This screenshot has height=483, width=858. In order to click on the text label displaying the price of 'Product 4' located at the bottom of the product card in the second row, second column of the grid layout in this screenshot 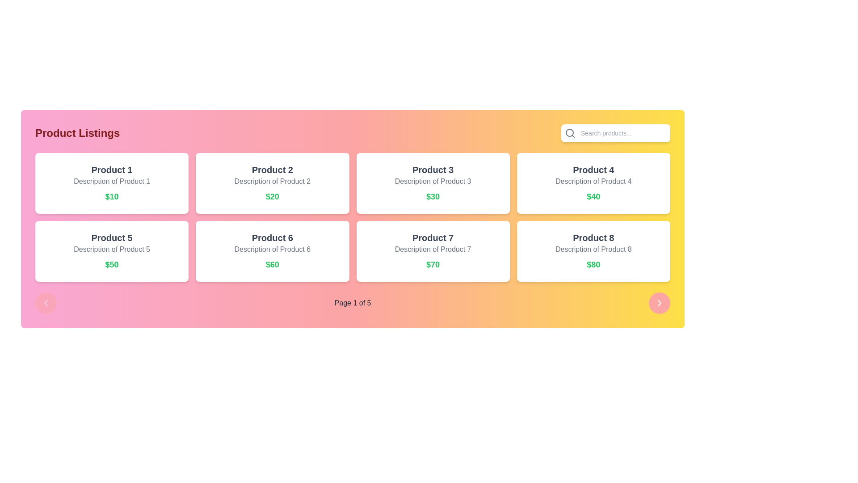, I will do `click(593, 196)`.